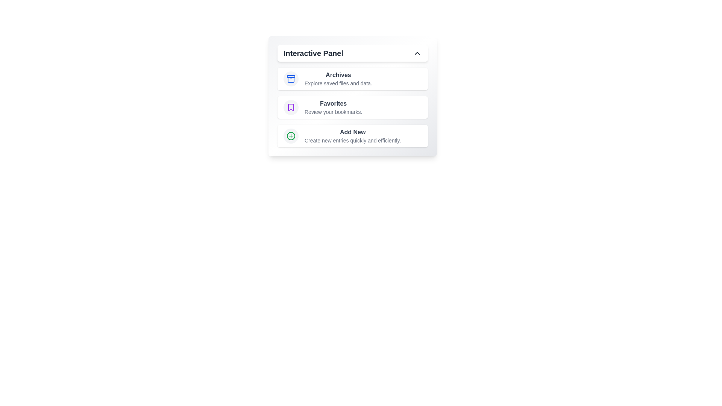 This screenshot has height=406, width=722. What do you see at coordinates (352, 53) in the screenshot?
I see `the Interactive Panel button to toggle the menu expansion` at bounding box center [352, 53].